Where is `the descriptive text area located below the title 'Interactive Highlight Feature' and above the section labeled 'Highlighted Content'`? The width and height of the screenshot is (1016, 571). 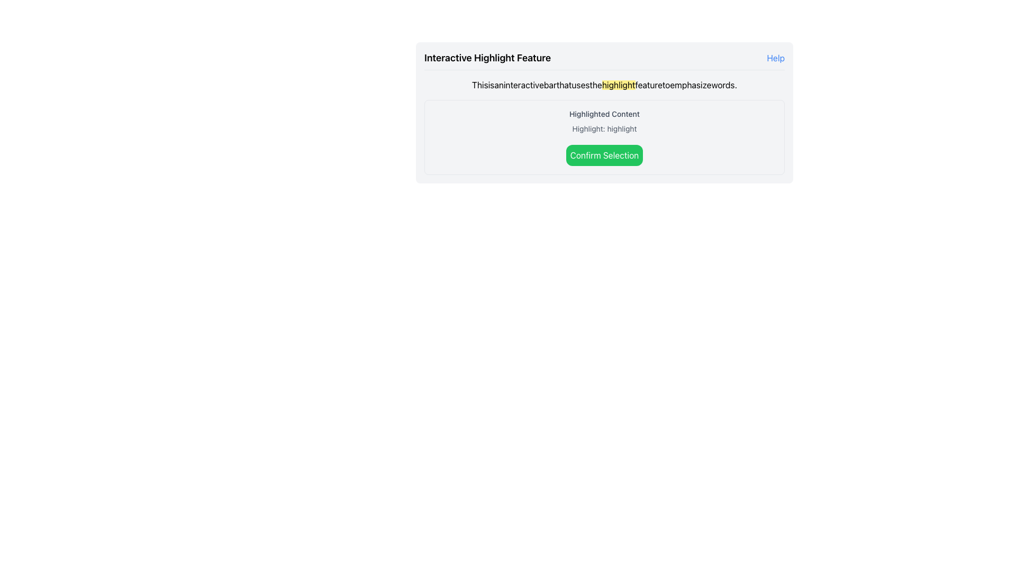 the descriptive text area located below the title 'Interactive Highlight Feature' and above the section labeled 'Highlighted Content' is located at coordinates (604, 85).